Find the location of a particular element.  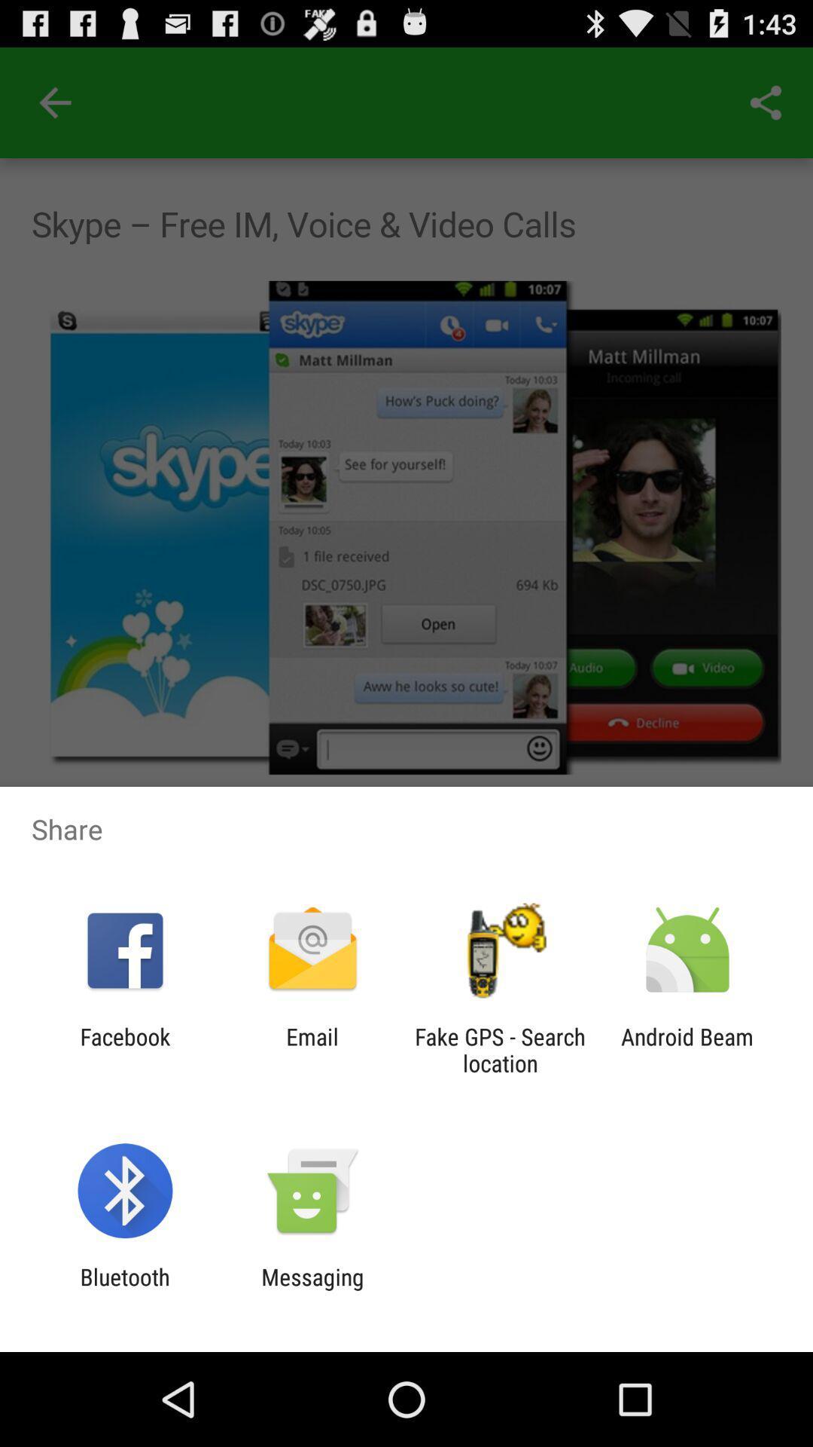

app next to the facebook app is located at coordinates (312, 1049).